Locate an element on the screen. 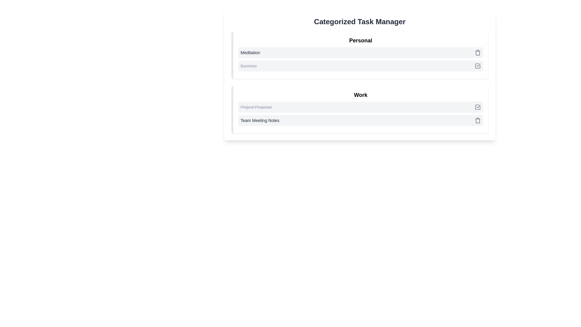 The image size is (581, 327). the text label 'Work' which categorizes related items in the subsection, located near the top of the page is located at coordinates (360, 95).